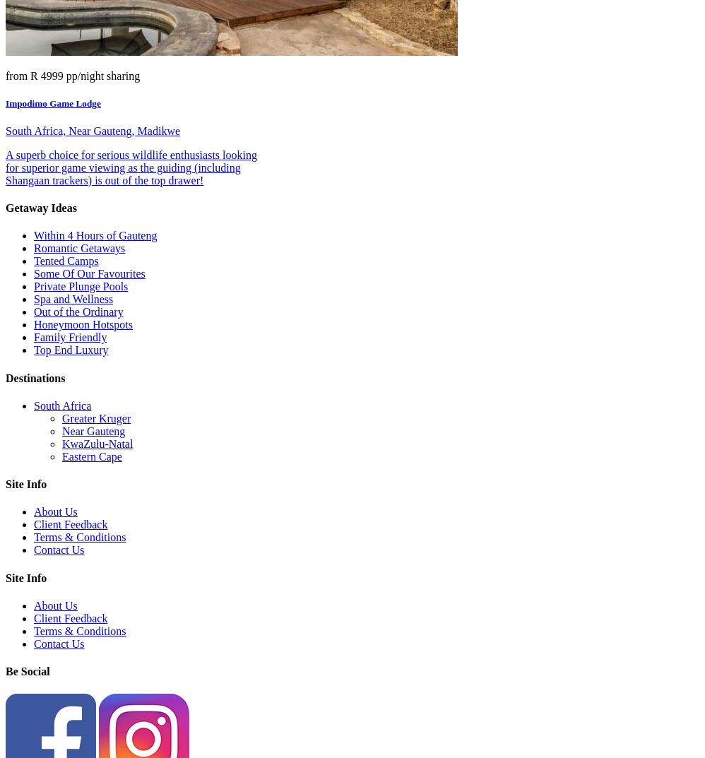 This screenshot has width=705, height=758. I want to click on 'South Africa, Near Gauteng, Madikwe', so click(93, 130).